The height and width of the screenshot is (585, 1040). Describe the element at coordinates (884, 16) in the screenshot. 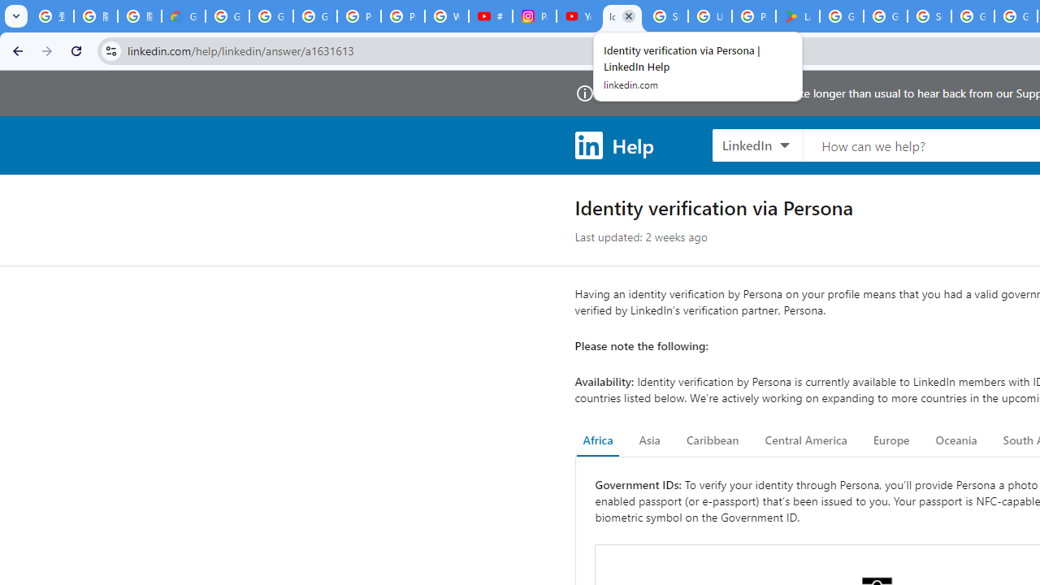

I see `'Google Workspace - Specific Terms'` at that location.